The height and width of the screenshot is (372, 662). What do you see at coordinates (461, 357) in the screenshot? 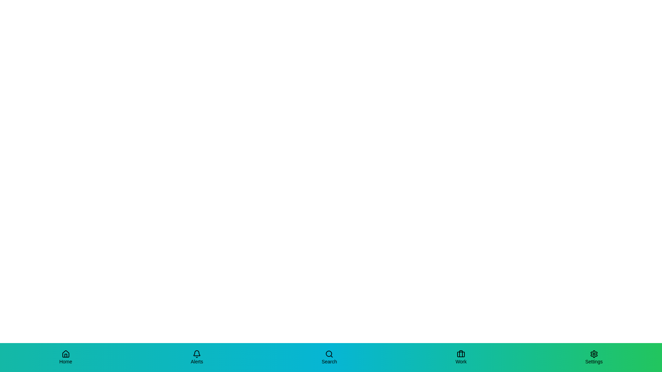
I see `the Work tab in the bottom navigation bar` at bounding box center [461, 357].